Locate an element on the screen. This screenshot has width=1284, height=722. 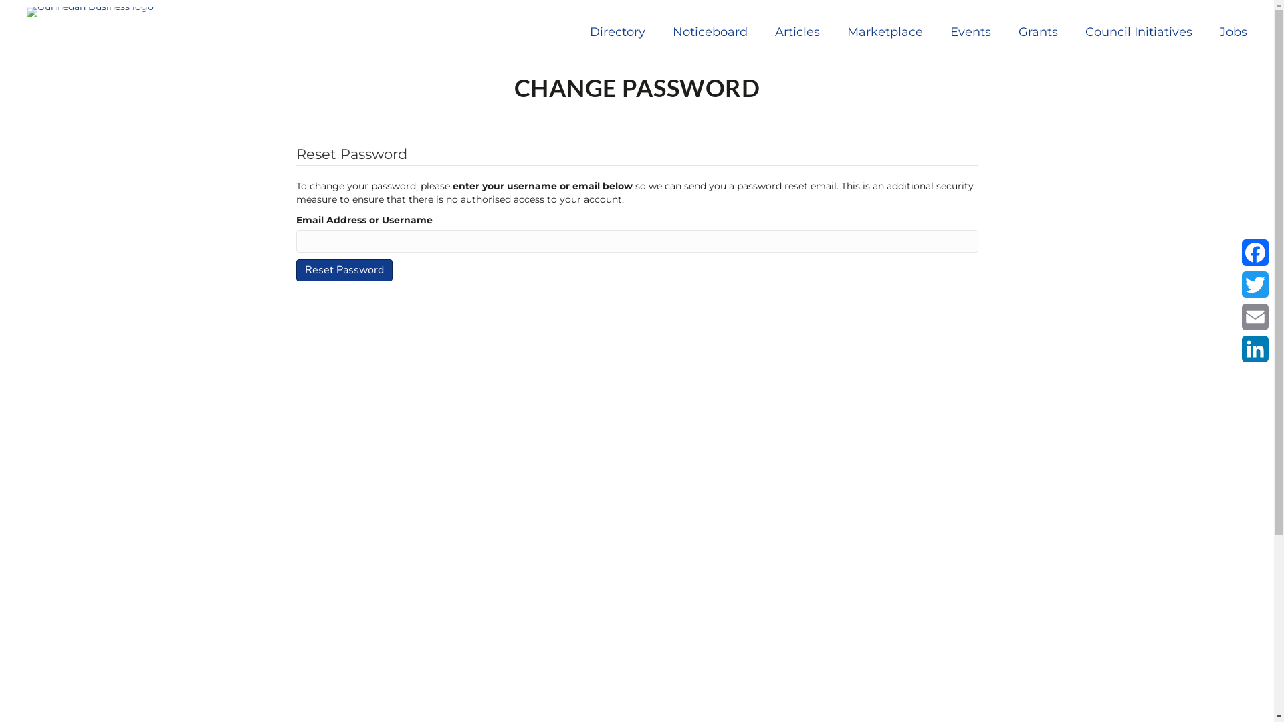
'Noticeboard' is located at coordinates (709, 31).